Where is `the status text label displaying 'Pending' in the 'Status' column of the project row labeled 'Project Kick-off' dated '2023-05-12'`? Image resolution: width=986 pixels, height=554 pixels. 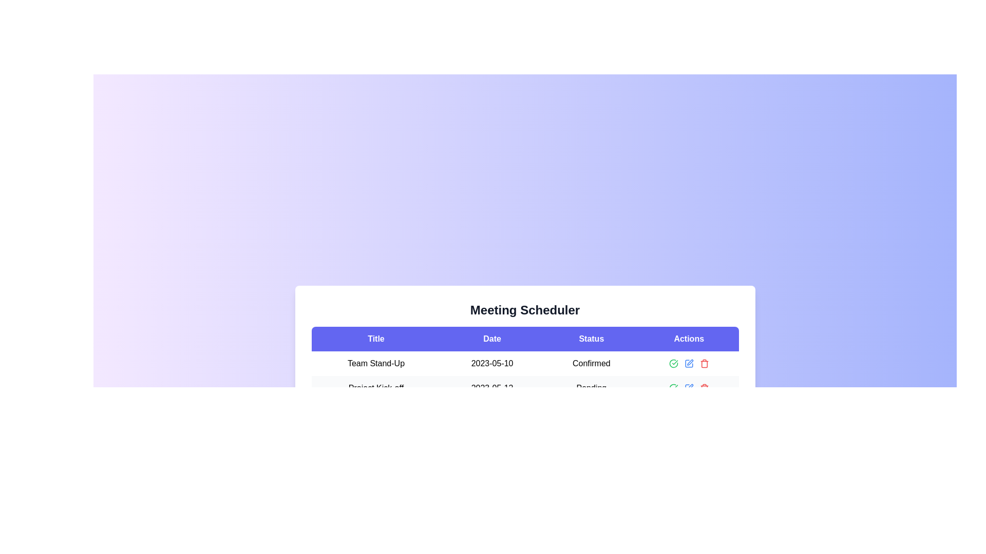 the status text label displaying 'Pending' in the 'Status' column of the project row labeled 'Project Kick-off' dated '2023-05-12' is located at coordinates (591, 388).